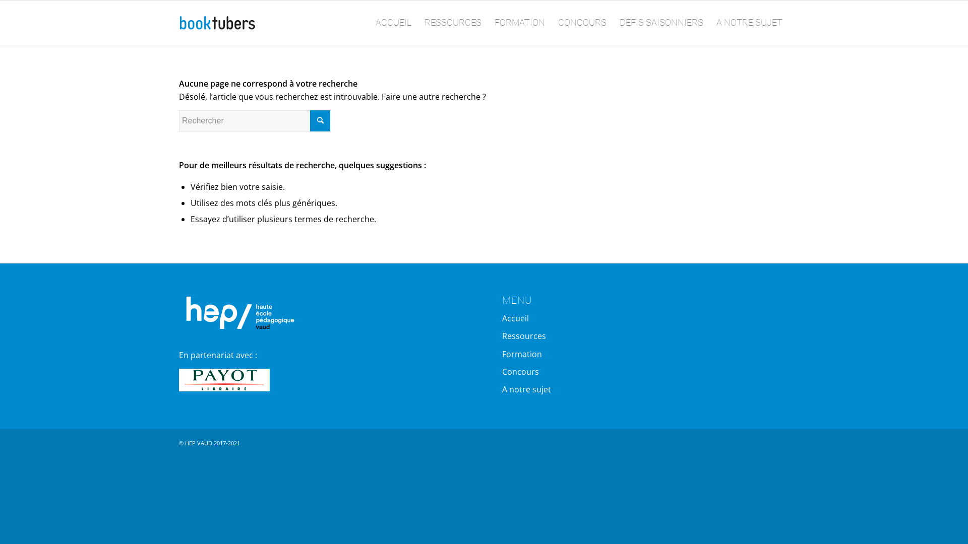 Image resolution: width=968 pixels, height=544 pixels. What do you see at coordinates (551, 23) in the screenshot?
I see `'CONCOURS'` at bounding box center [551, 23].